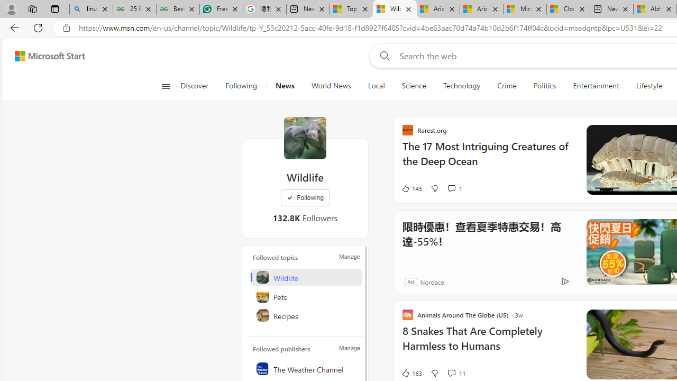 Image resolution: width=677 pixels, height=381 pixels. Describe the element at coordinates (456, 372) in the screenshot. I see `'View comments 11 Comment'` at that location.